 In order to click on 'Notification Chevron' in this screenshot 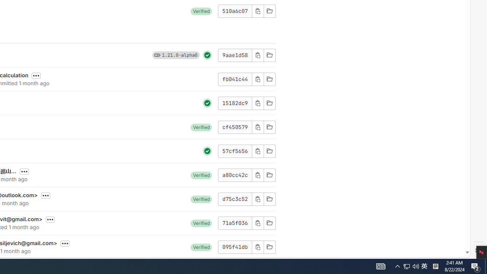, I will do `click(397, 266)`.